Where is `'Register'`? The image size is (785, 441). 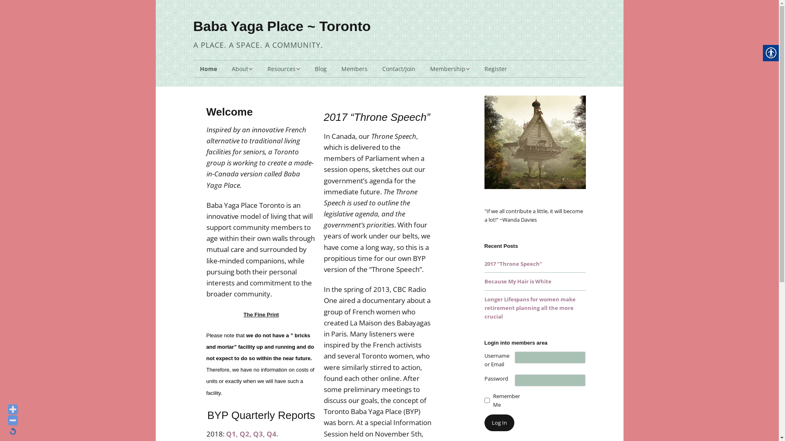 'Register' is located at coordinates (495, 69).